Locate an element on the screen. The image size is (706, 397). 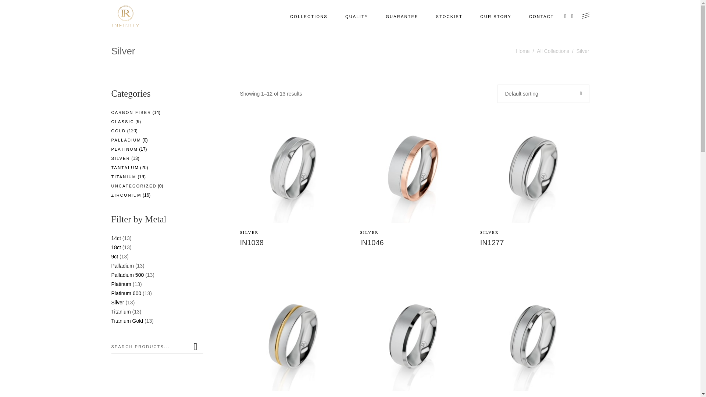
'Titanium Gold' is located at coordinates (127, 320).